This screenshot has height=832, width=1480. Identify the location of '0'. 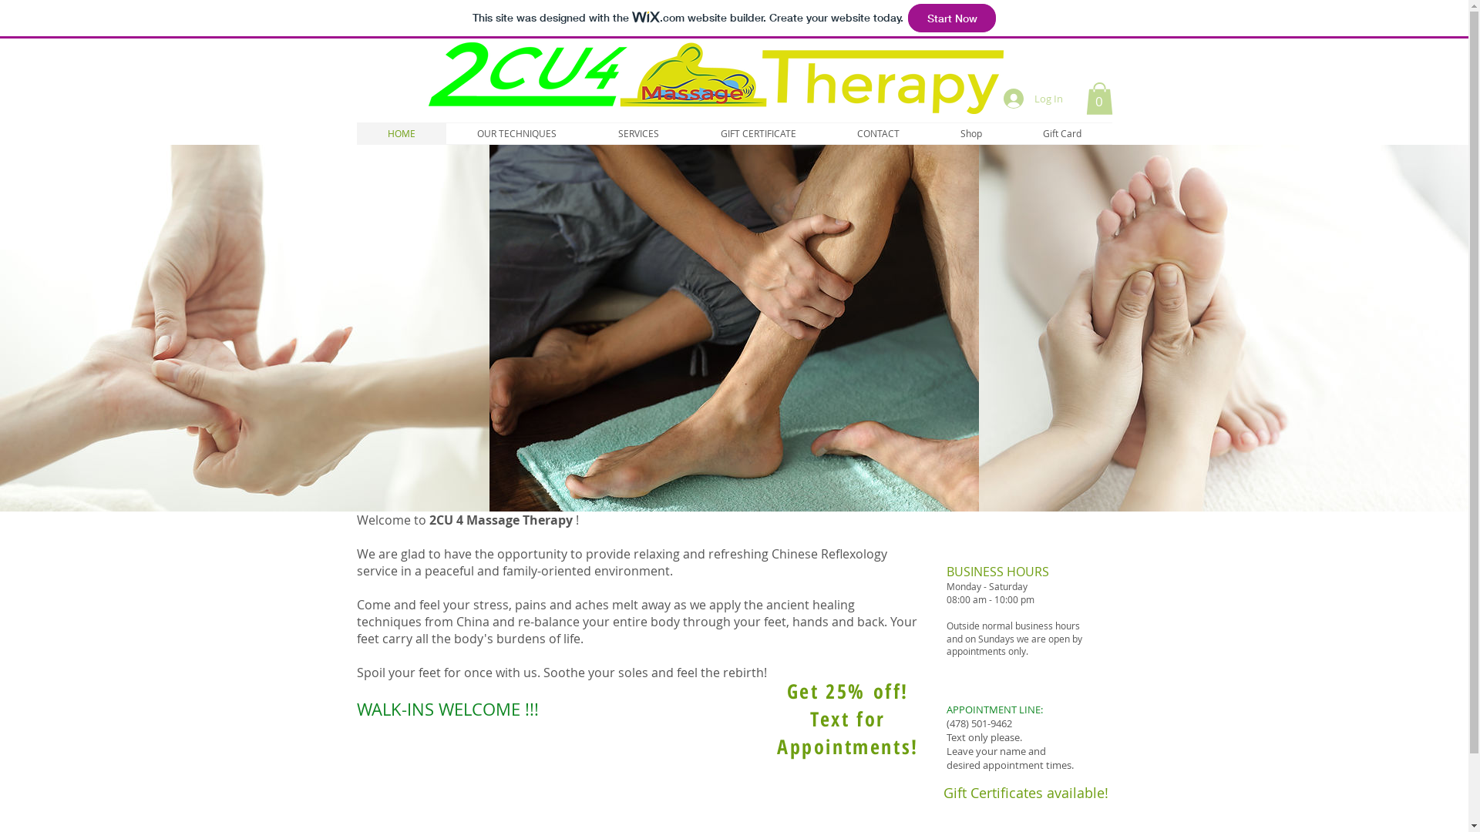
(1098, 98).